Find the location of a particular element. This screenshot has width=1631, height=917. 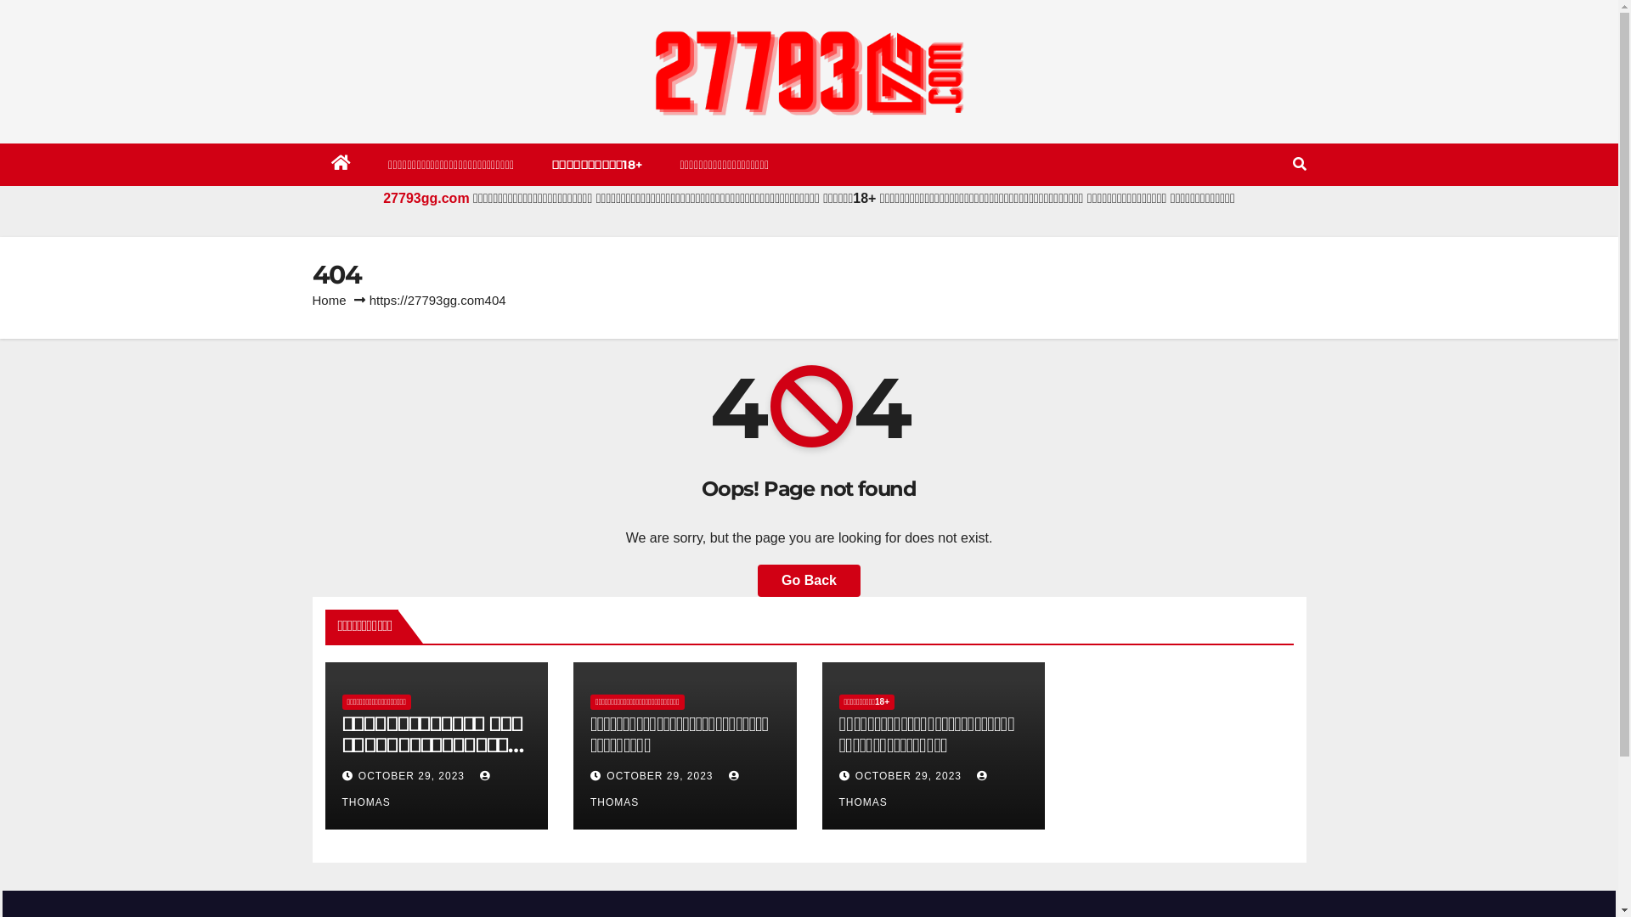

'OCTOBER 29, 2023' is located at coordinates (909, 776).